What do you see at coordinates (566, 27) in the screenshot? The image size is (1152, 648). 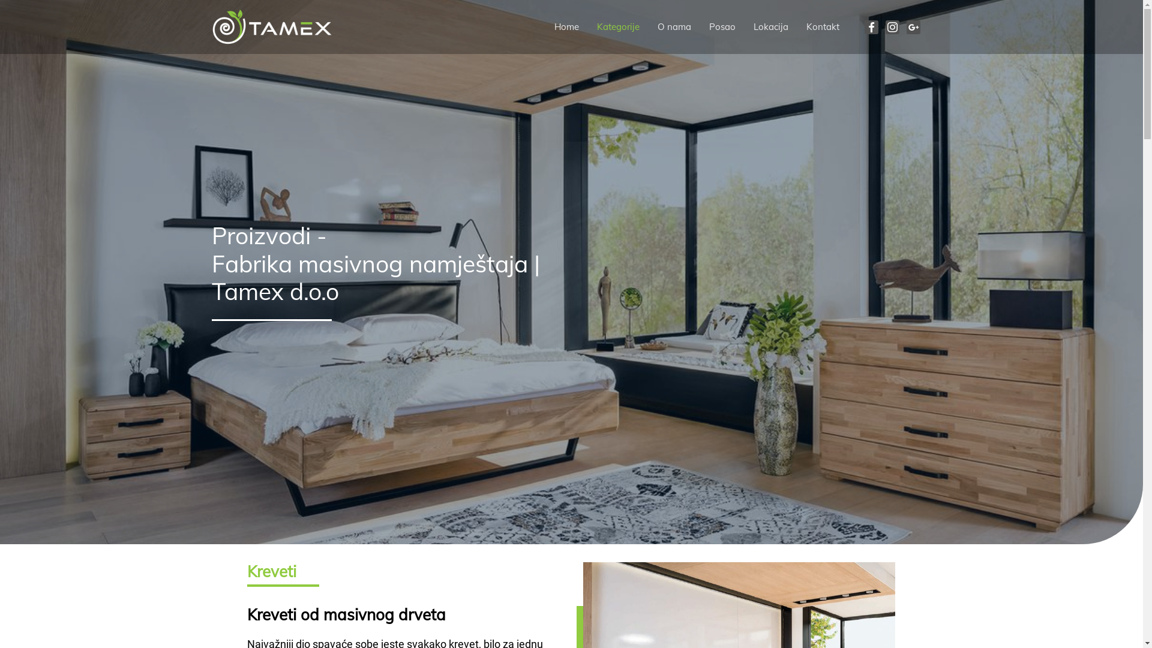 I see `'Home'` at bounding box center [566, 27].